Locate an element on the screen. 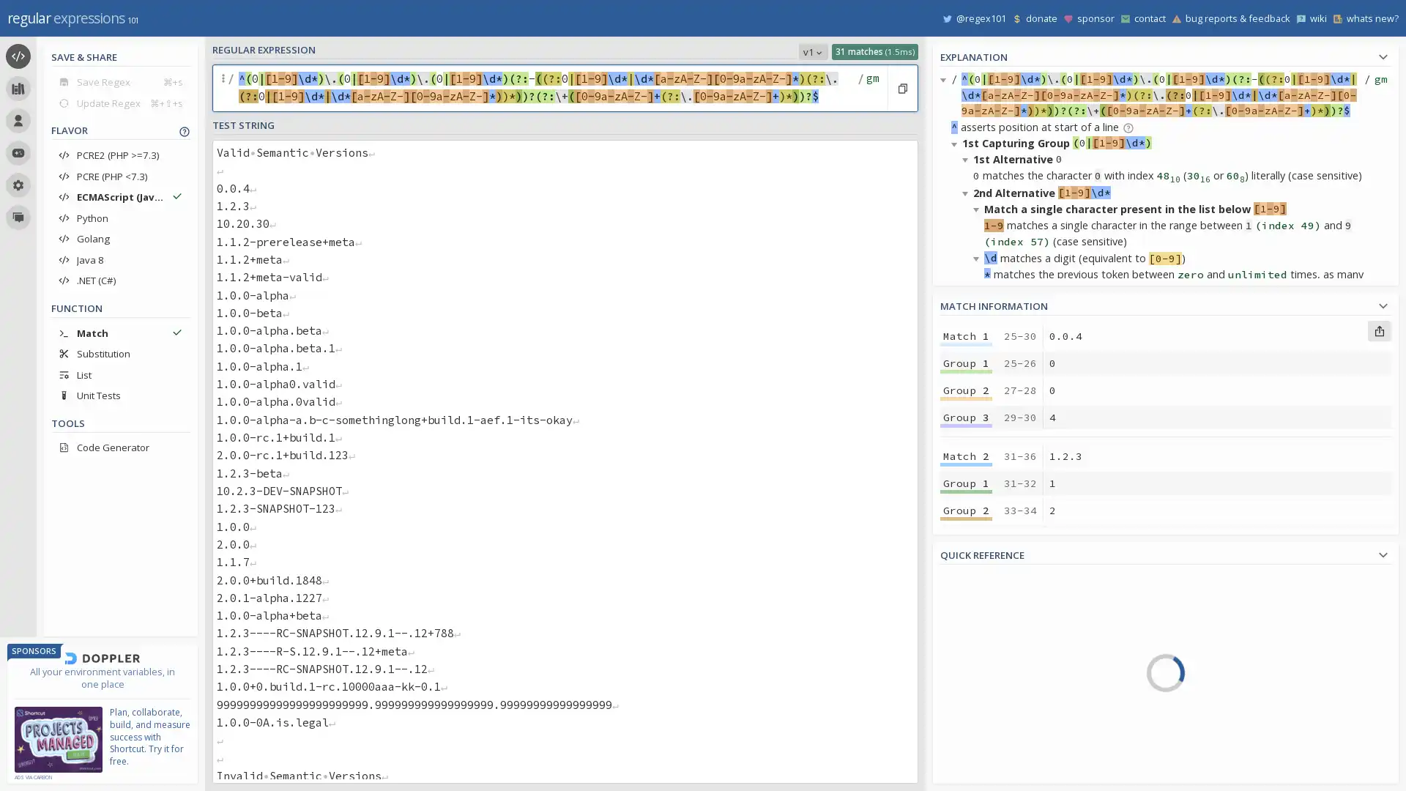  Group 1 is located at coordinates (966, 722).